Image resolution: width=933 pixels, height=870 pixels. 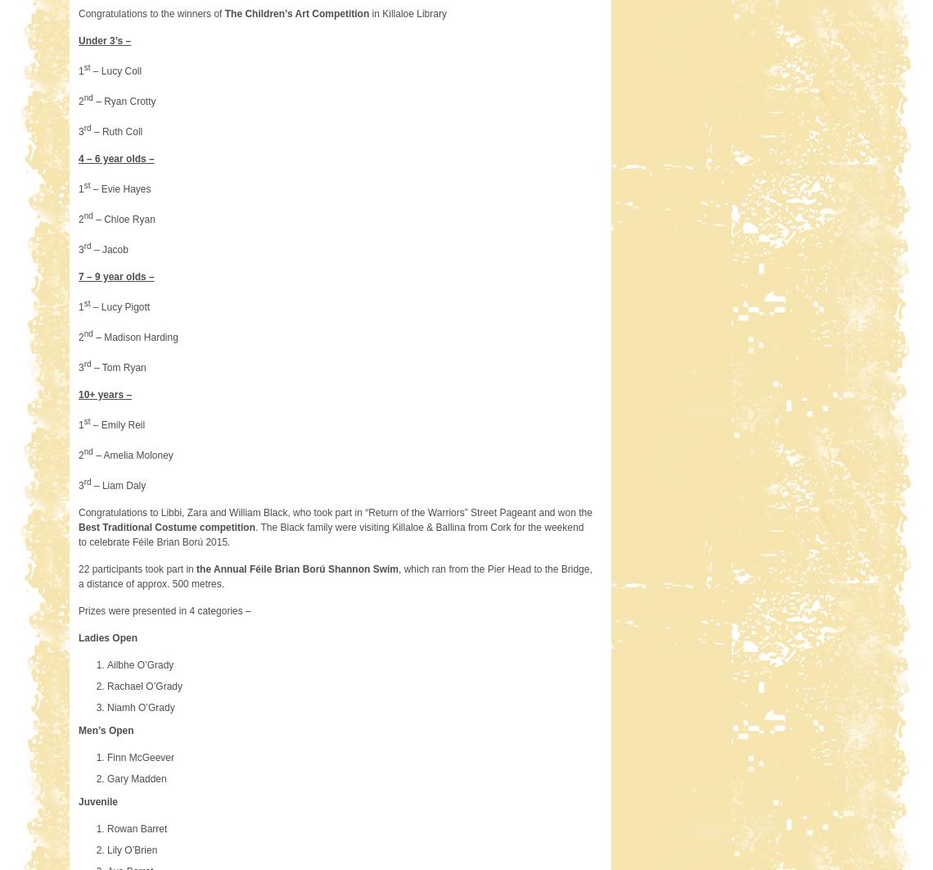 I want to click on 'Congratulations to the winners of', so click(x=77, y=13).